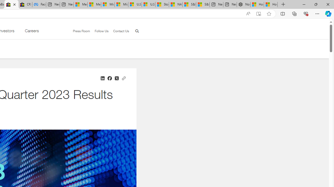  I want to click on 'Settings and more (Alt+F)', so click(317, 13).